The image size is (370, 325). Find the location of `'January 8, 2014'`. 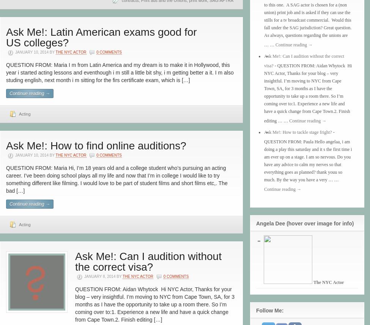

'January 8, 2014' is located at coordinates (100, 276).